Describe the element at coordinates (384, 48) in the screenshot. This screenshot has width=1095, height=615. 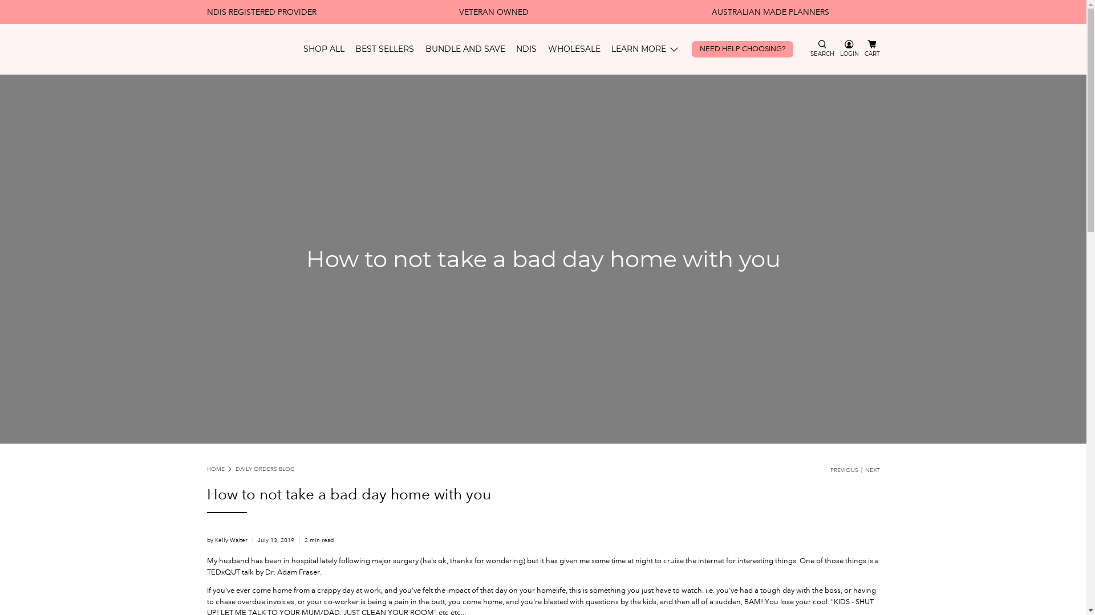
I see `'BEST SELLERS'` at that location.